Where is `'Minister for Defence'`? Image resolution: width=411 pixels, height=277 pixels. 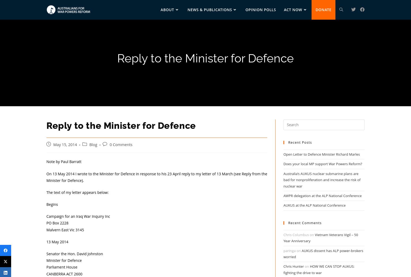 'Minister for Defence' is located at coordinates (64, 260).